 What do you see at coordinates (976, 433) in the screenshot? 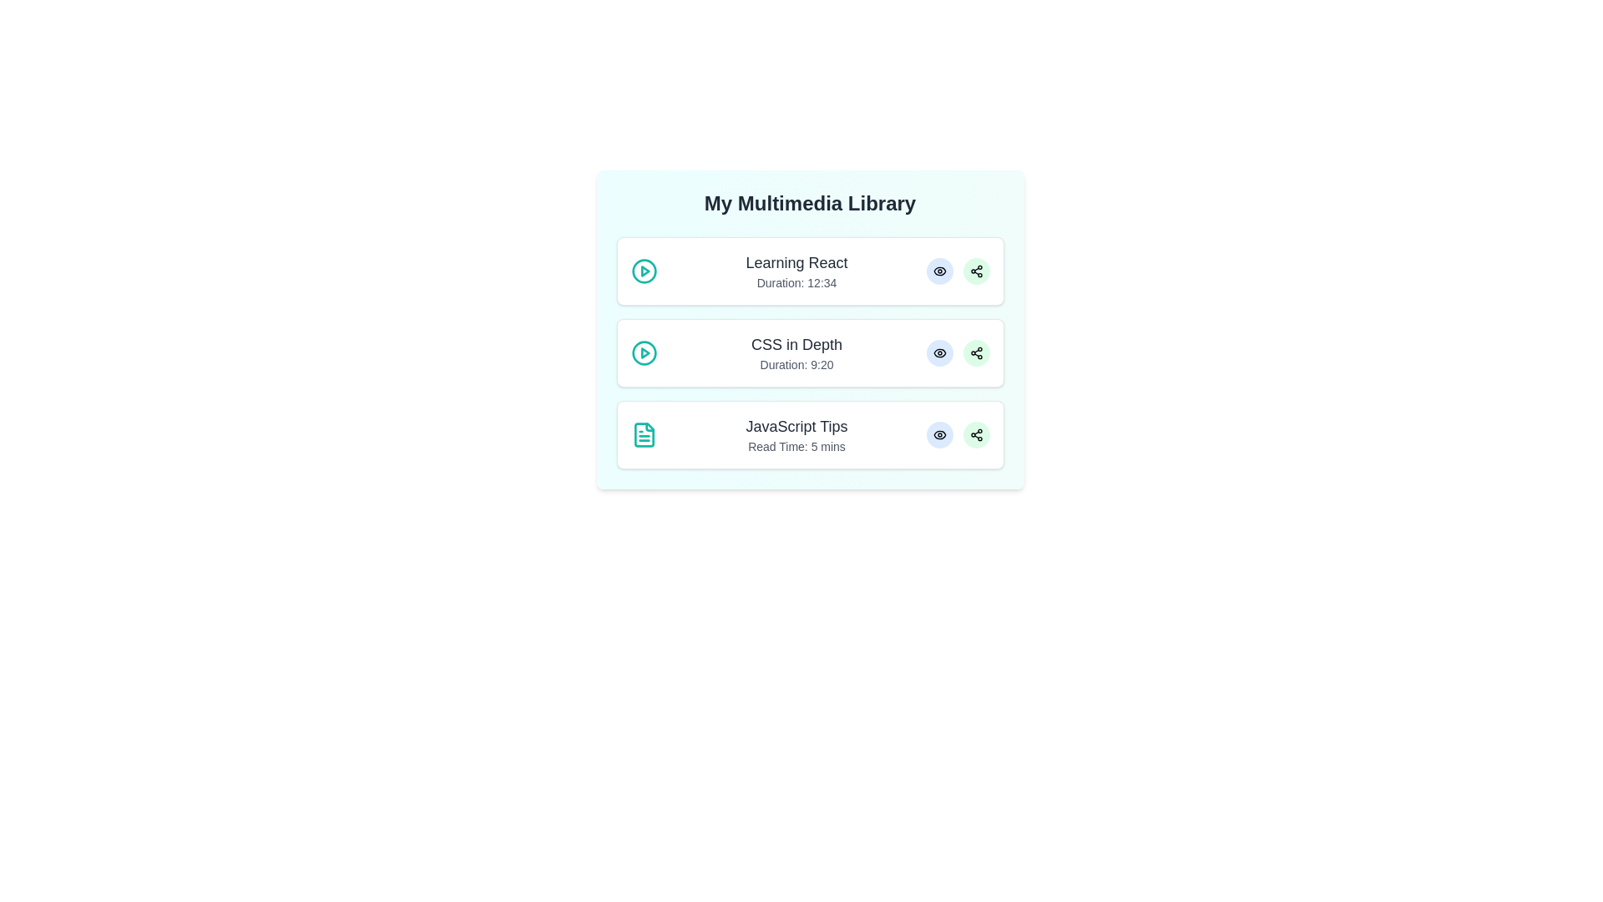
I see `share button for the media item titled JavaScript Tips` at bounding box center [976, 433].